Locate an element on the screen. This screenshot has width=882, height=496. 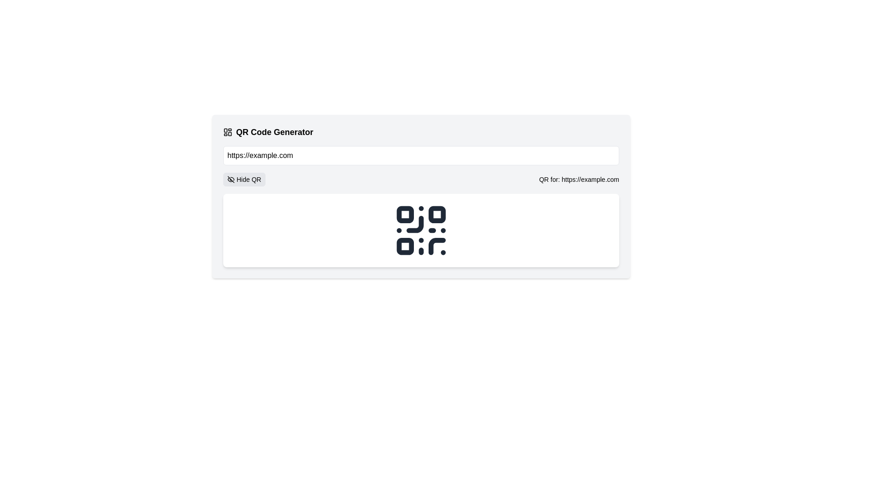
the top-left small square of the QR code representation, which has slightly rounded corners and is rendered in a dark shade against a lighter background is located at coordinates (405, 214).